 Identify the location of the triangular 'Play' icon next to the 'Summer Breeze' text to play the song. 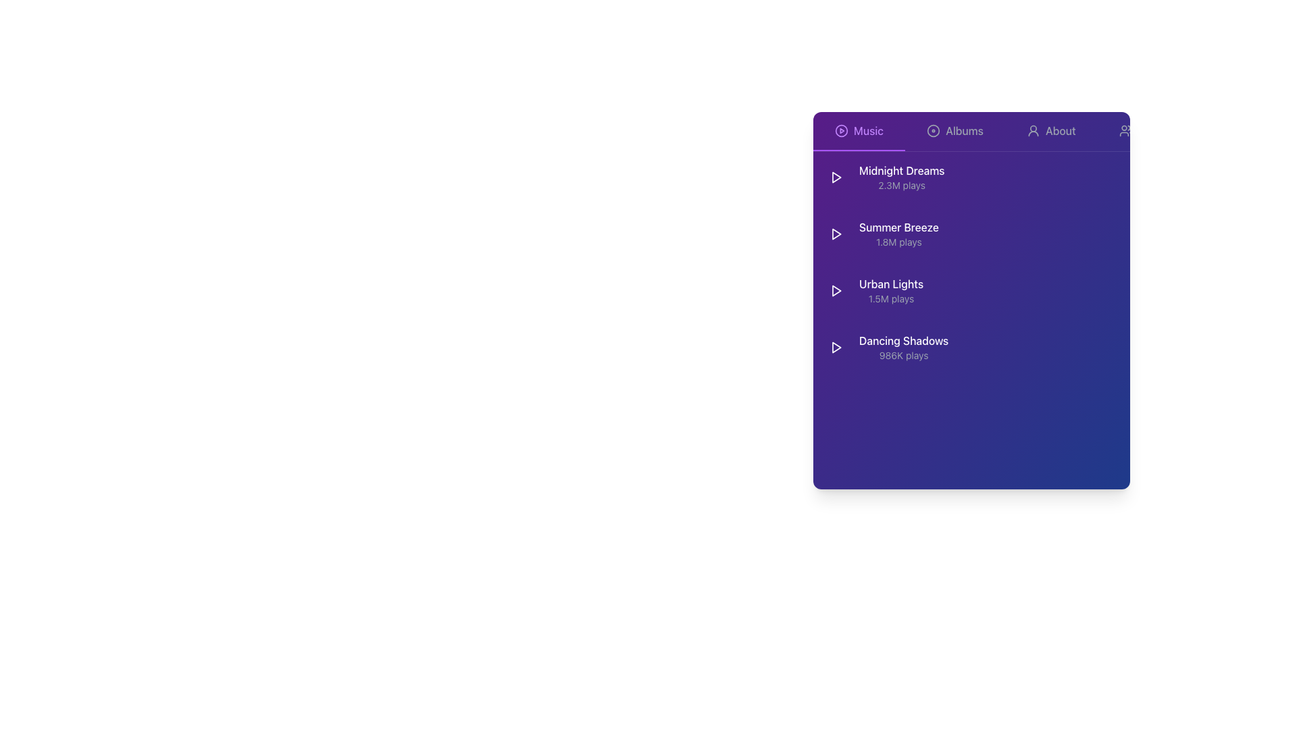
(836, 234).